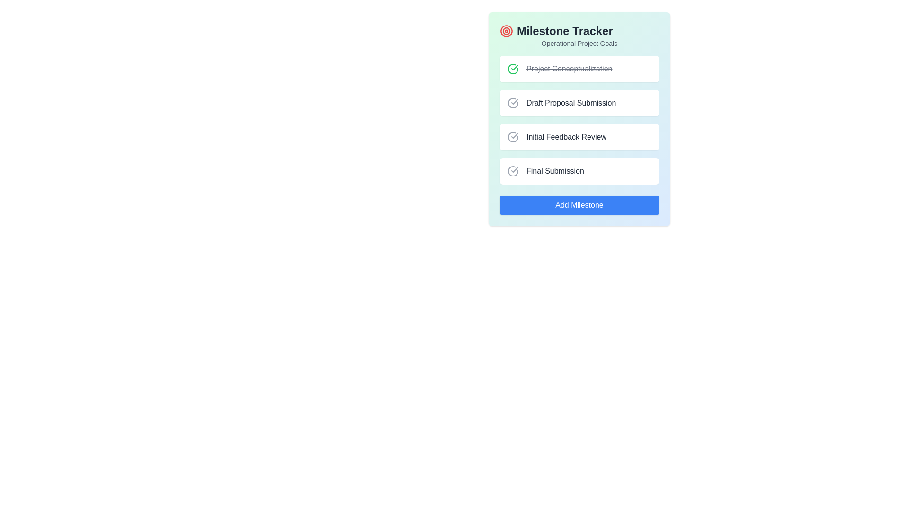 Image resolution: width=909 pixels, height=511 pixels. Describe the element at coordinates (513, 103) in the screenshot. I see `the gray circular checkmark icon located to the left of the 'Draft Proposal Submission' text` at that location.